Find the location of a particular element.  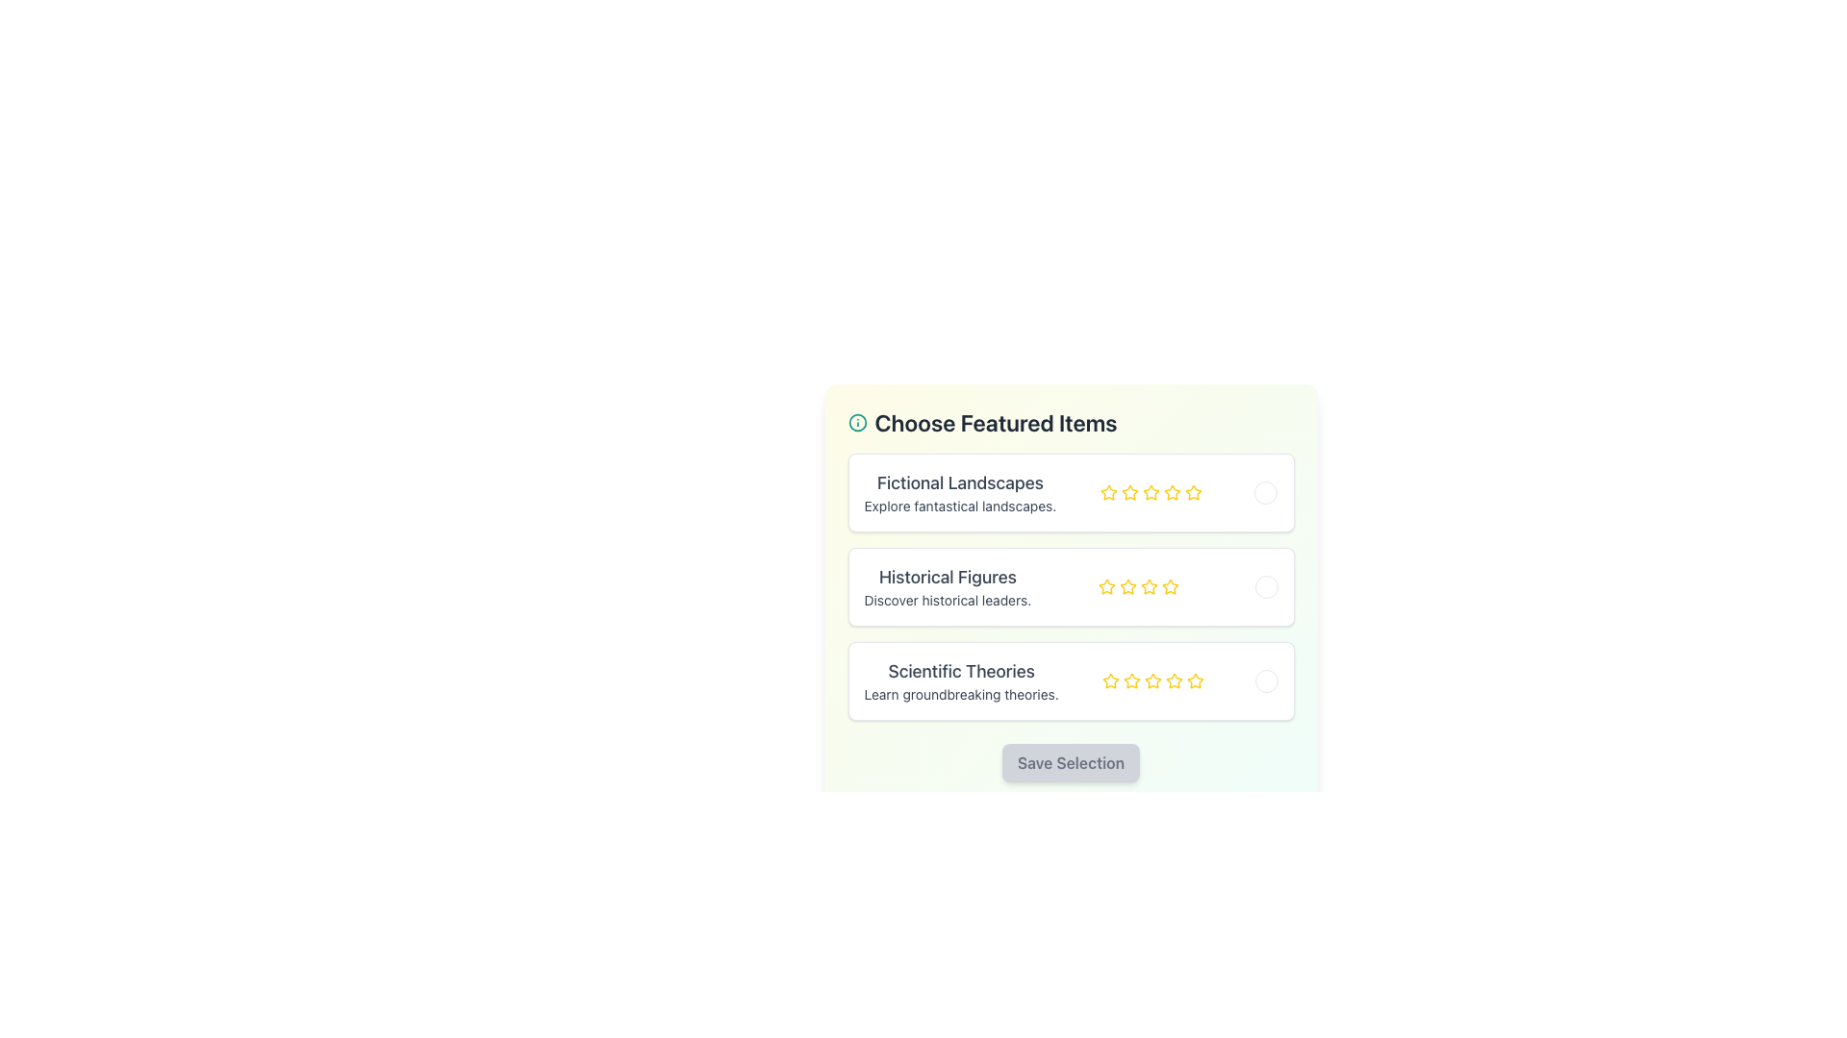

the fifth star in the rating system for the category 'Fictional Landscapes' is located at coordinates (1193, 492).